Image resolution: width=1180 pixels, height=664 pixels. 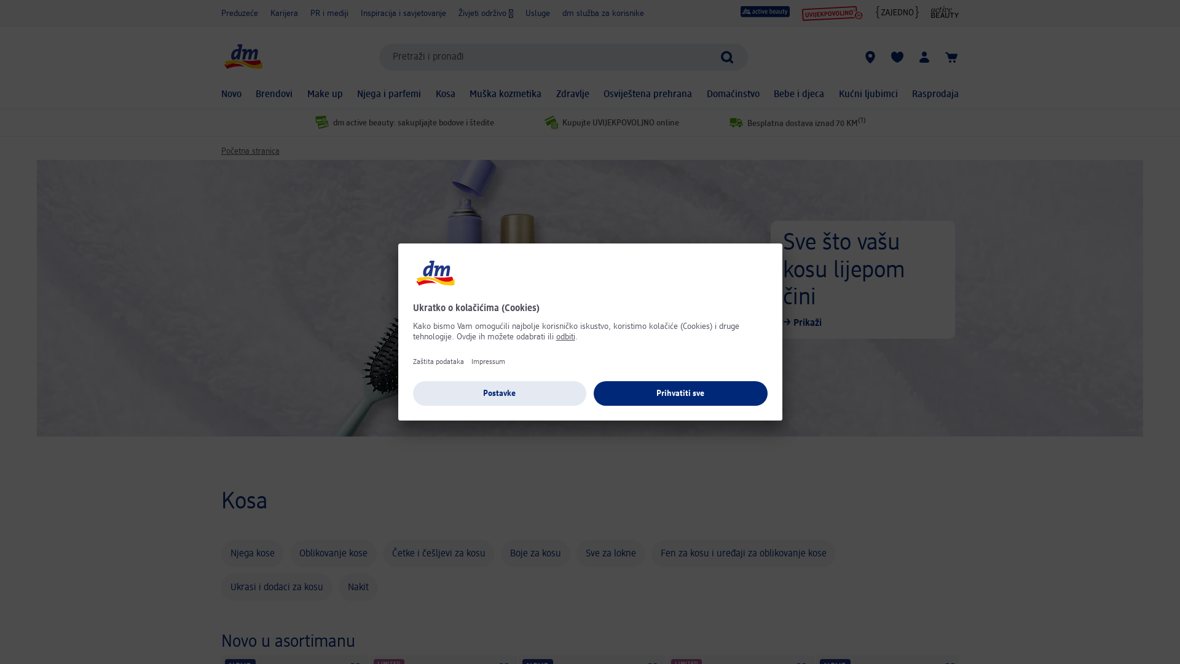 What do you see at coordinates (944, 12) in the screenshot?
I see `'active beauty Online Magazin'` at bounding box center [944, 12].